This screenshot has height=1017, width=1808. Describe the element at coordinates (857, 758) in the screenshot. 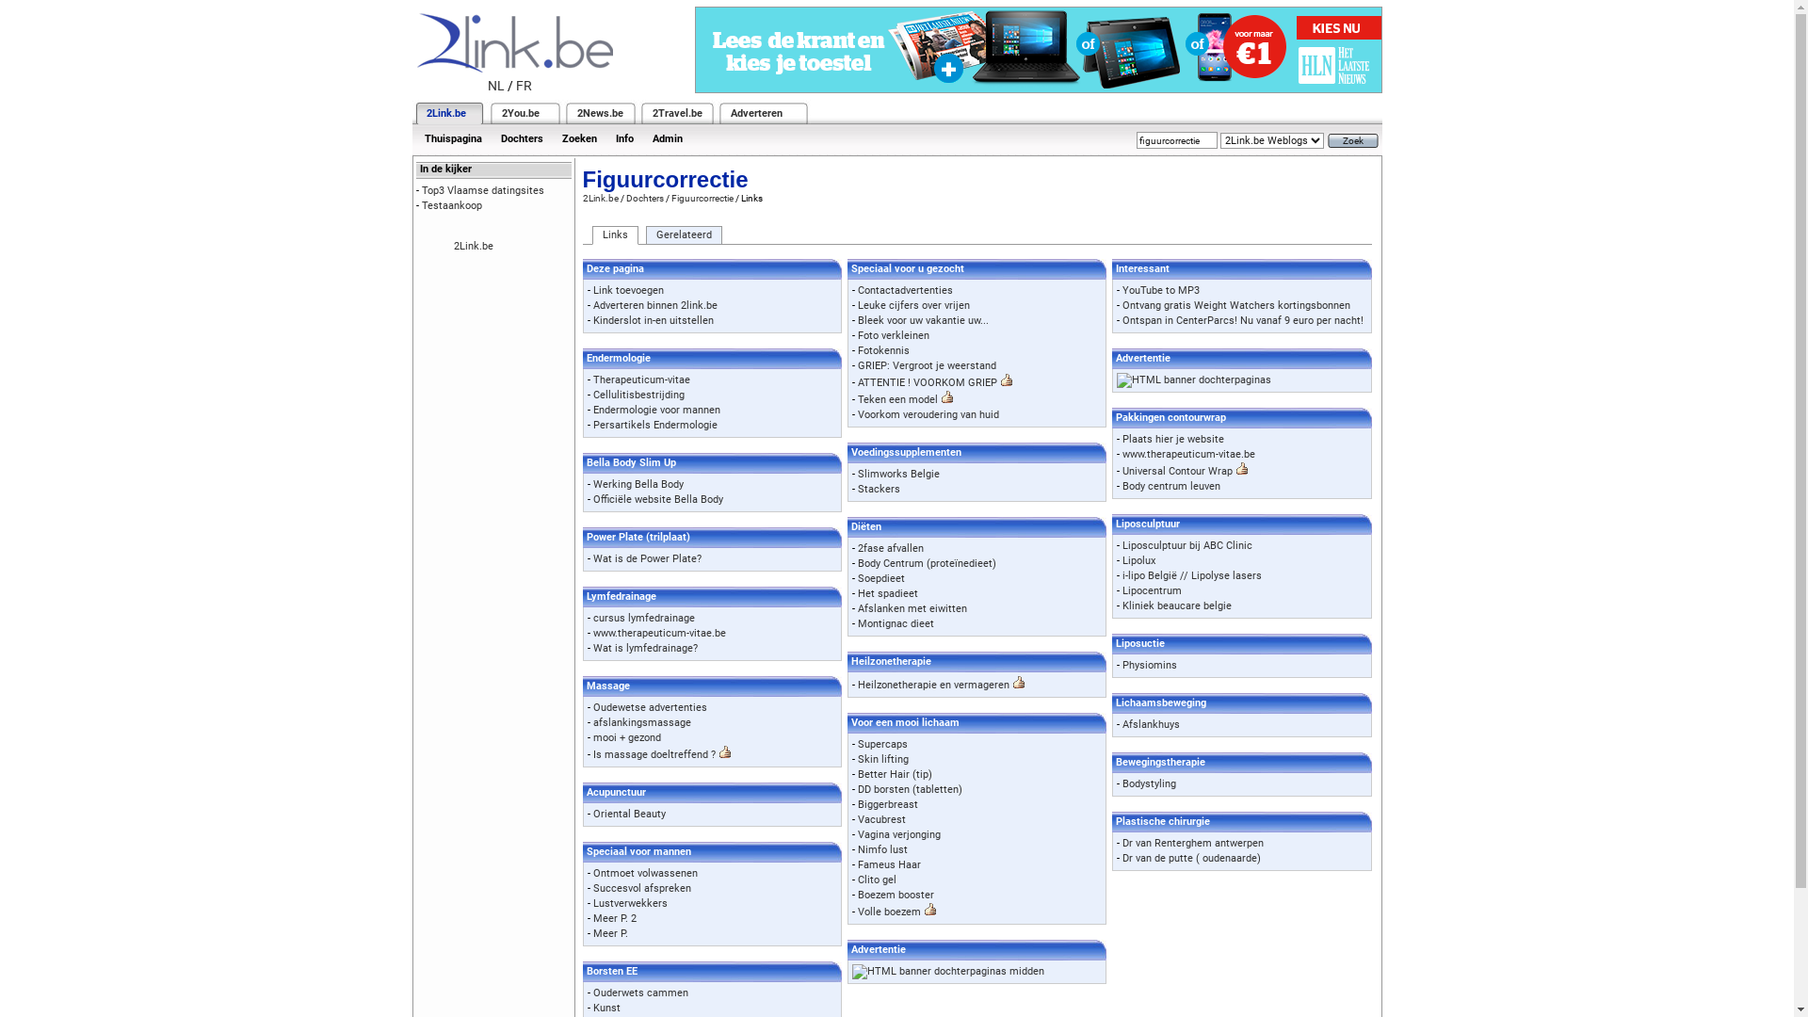

I see `'Skin lifting'` at that location.